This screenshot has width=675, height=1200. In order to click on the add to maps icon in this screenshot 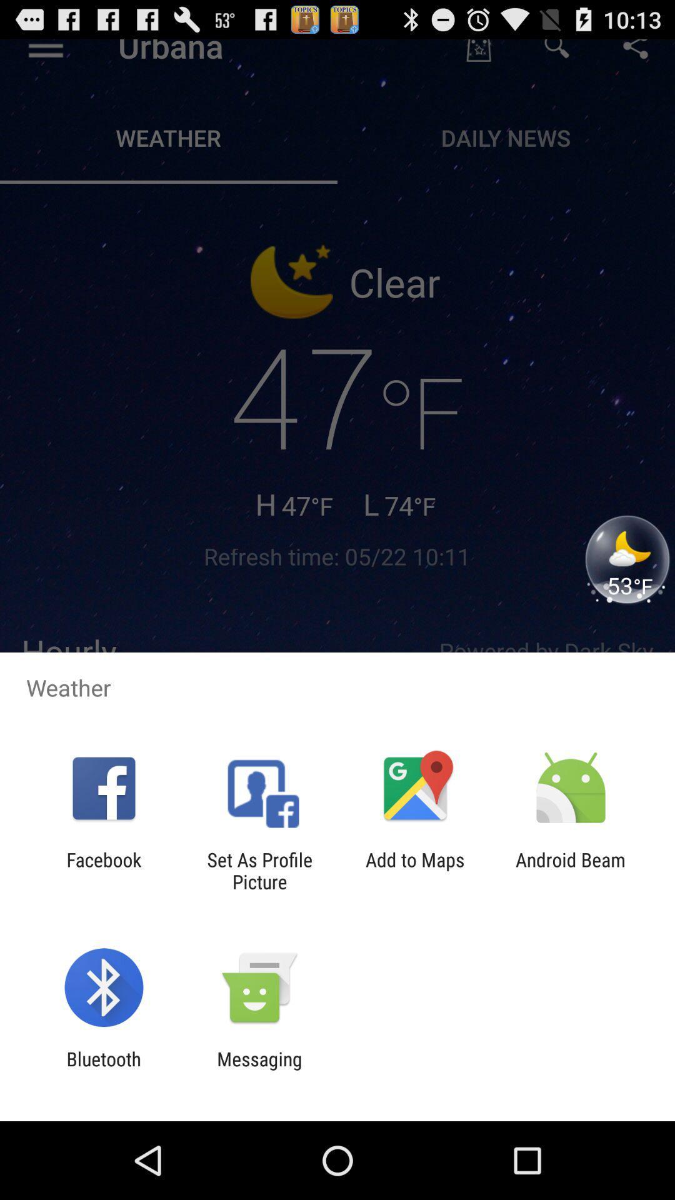, I will do `click(415, 870)`.